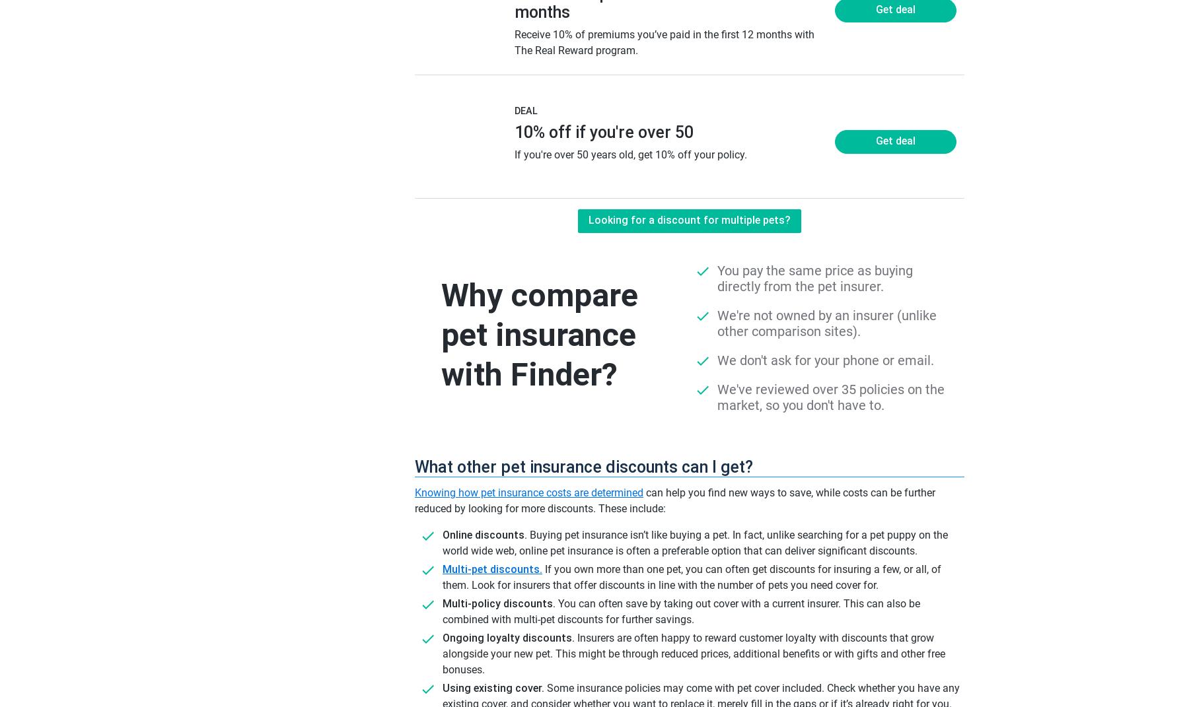 Image resolution: width=1189 pixels, height=707 pixels. I want to click on 'We're not owned by an insurer (unlike other comparison sites).', so click(827, 322).